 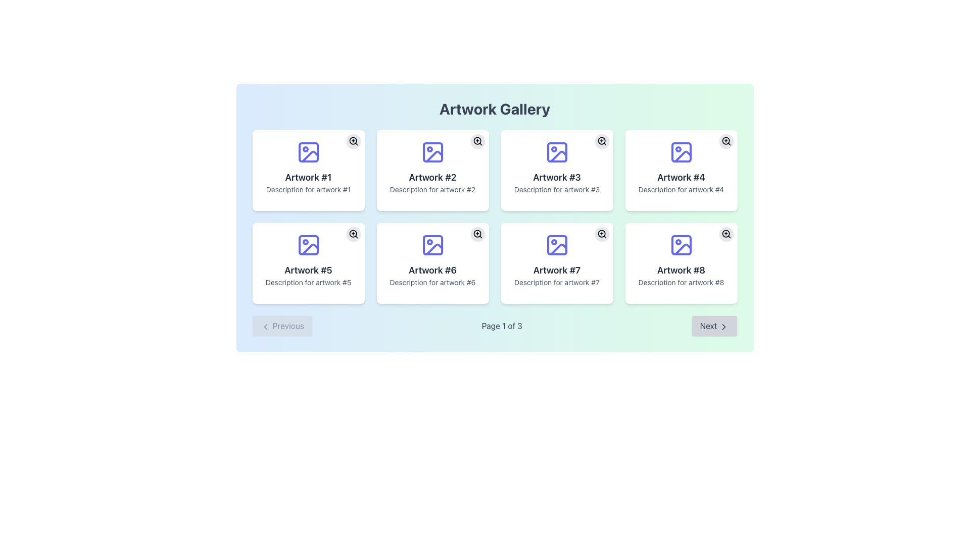 What do you see at coordinates (681, 270) in the screenshot?
I see `text label that identifies the artwork in the bottom-right card of the grid layout, positioned above the description text` at bounding box center [681, 270].